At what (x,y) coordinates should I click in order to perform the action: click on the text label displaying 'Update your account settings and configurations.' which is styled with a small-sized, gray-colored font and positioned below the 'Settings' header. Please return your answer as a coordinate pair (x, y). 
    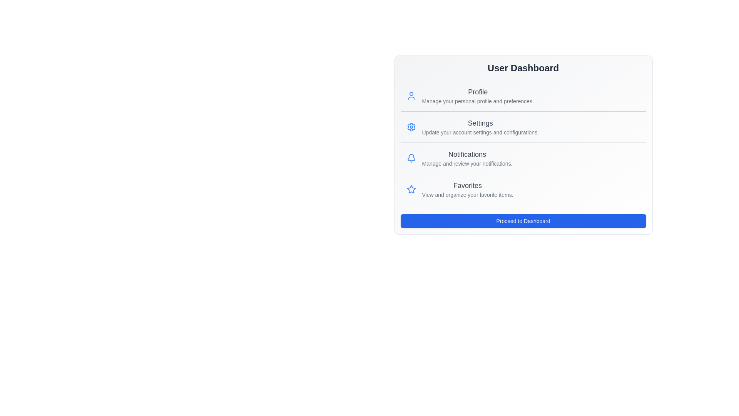
    Looking at the image, I should click on (480, 132).